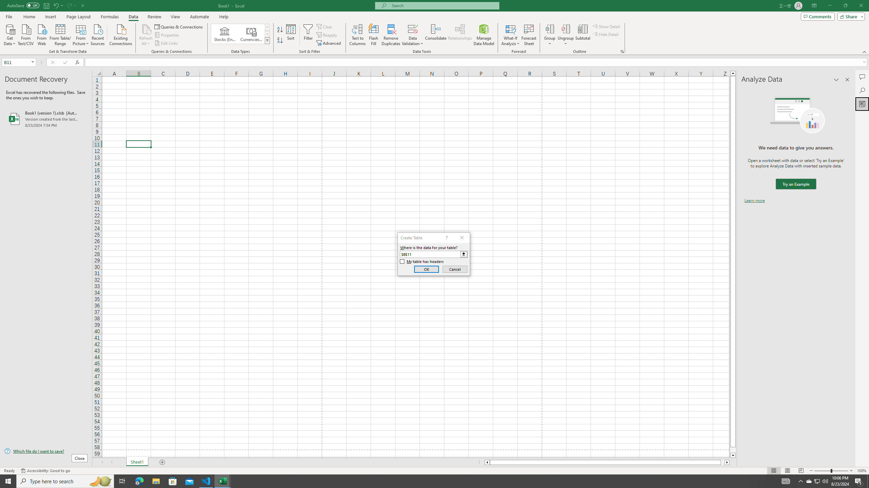  I want to click on 'Learn more', so click(754, 200).